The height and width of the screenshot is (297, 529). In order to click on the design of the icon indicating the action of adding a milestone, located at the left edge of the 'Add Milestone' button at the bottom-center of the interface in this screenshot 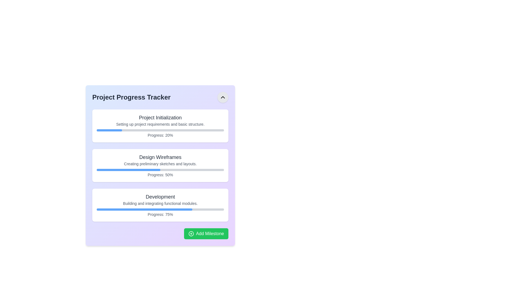, I will do `click(191, 233)`.